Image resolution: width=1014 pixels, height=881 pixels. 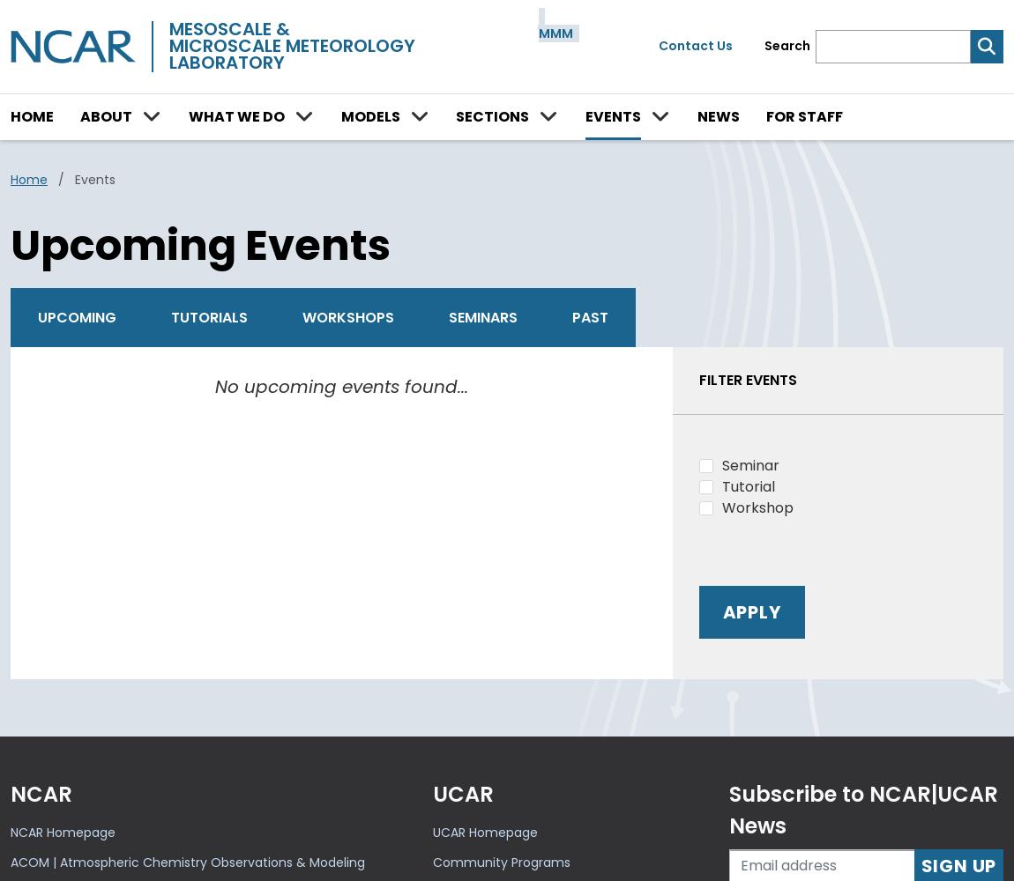 I want to click on 'Seminars', so click(x=482, y=315).